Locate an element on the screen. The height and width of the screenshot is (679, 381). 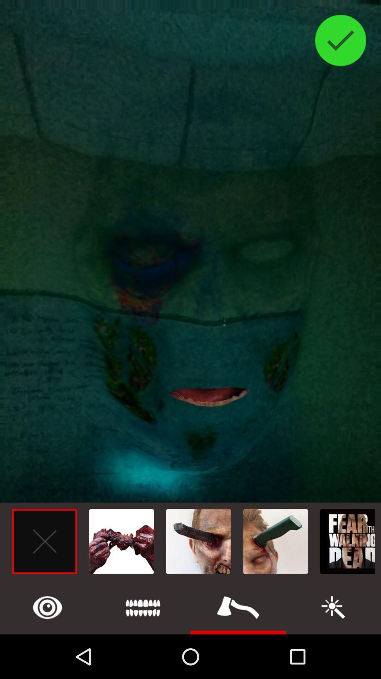
the list icon is located at coordinates (143, 607).